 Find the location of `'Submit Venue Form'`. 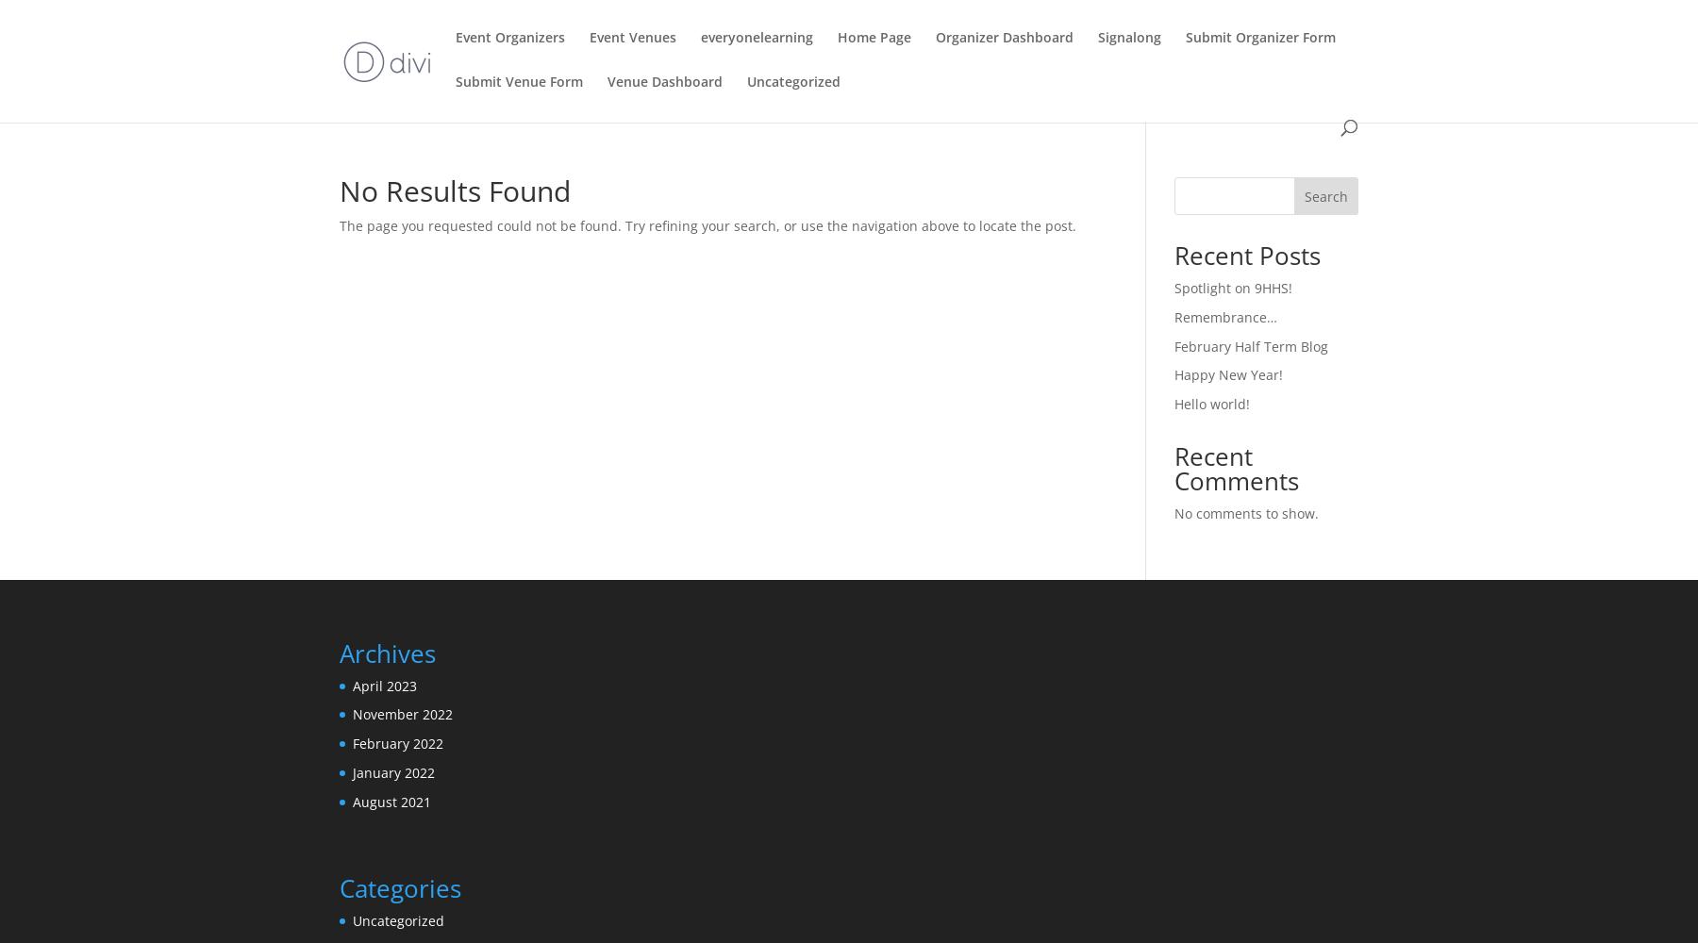

'Submit Venue Form' is located at coordinates (518, 80).